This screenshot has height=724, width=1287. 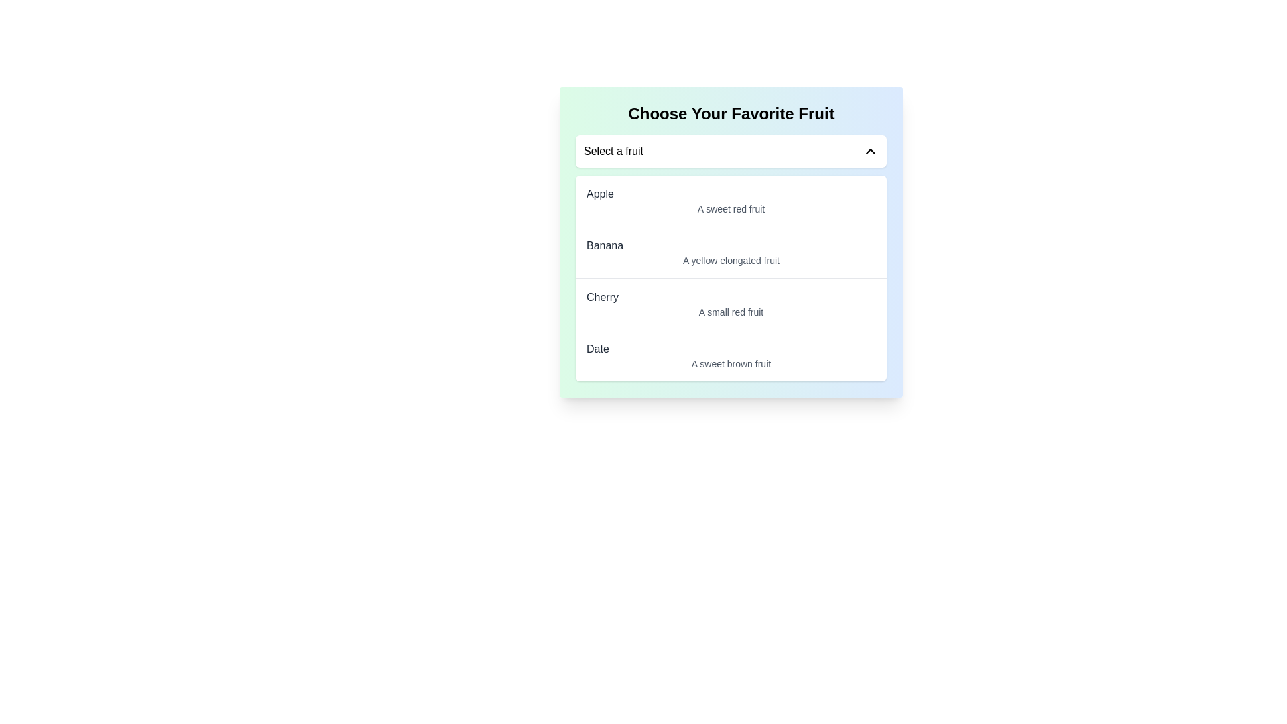 I want to click on the upward-pointing chevron icon inside the 'Select a fruit' dropdown, so click(x=871, y=151).